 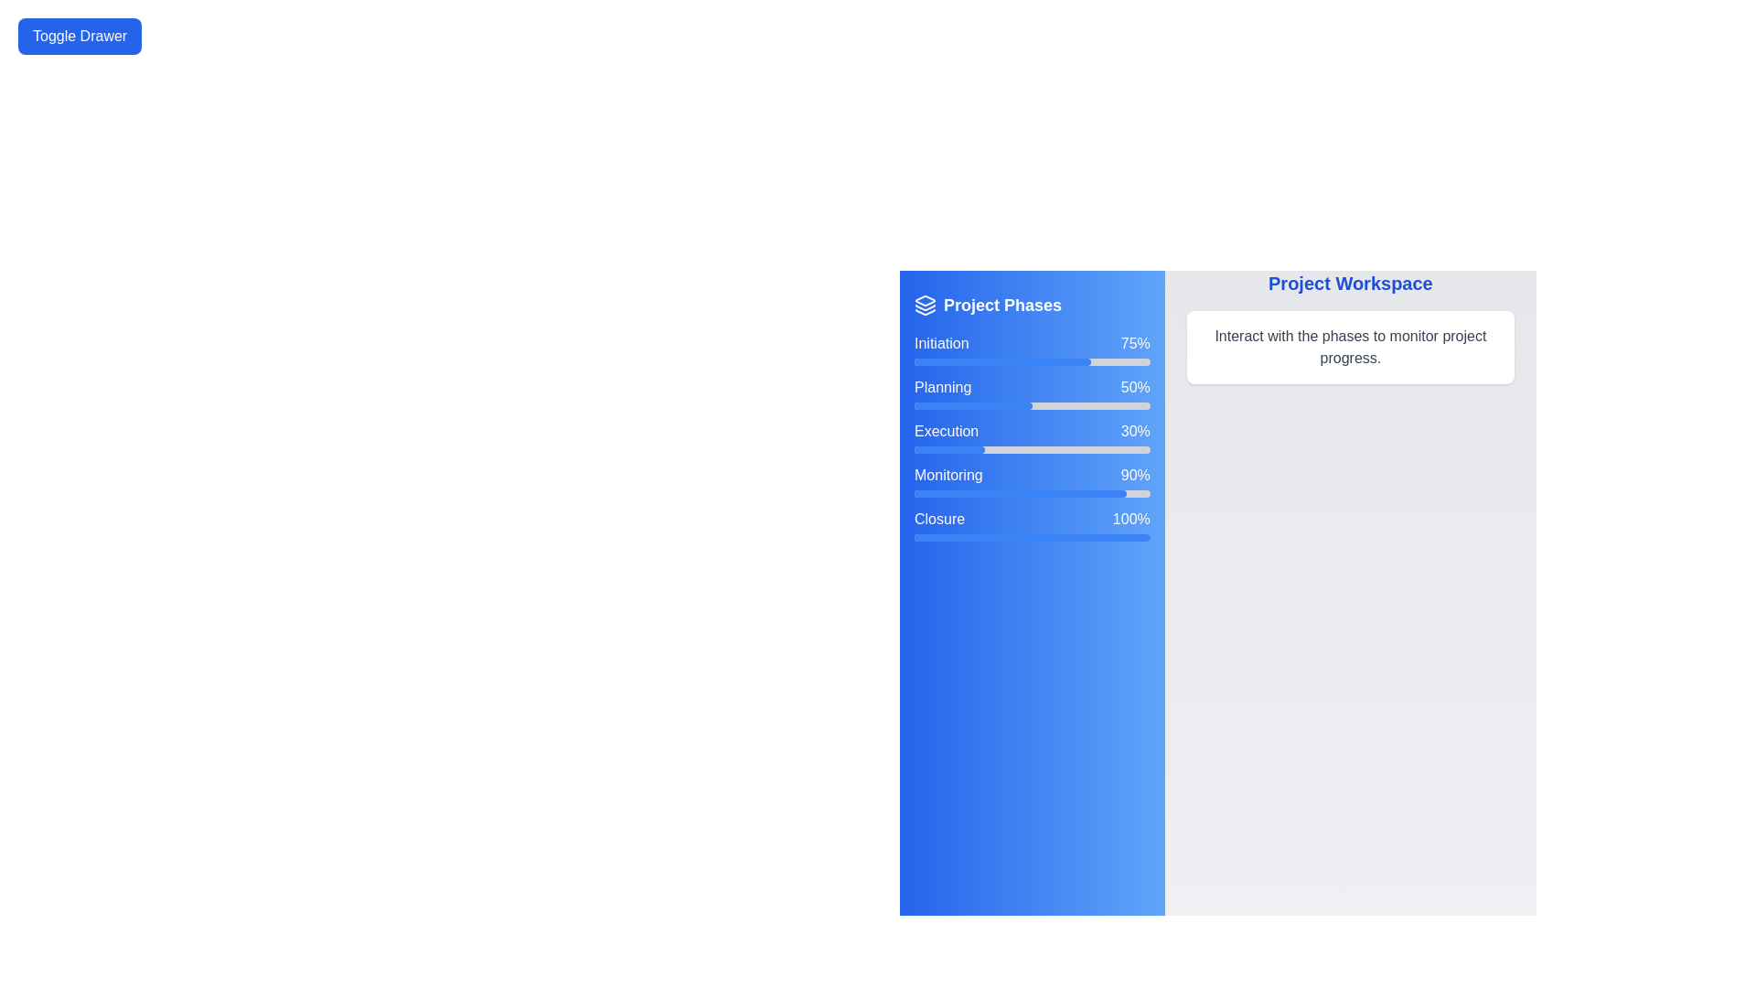 What do you see at coordinates (79, 36) in the screenshot?
I see `the 'Toggle Drawer' button to toggle the visibility of the drawer` at bounding box center [79, 36].